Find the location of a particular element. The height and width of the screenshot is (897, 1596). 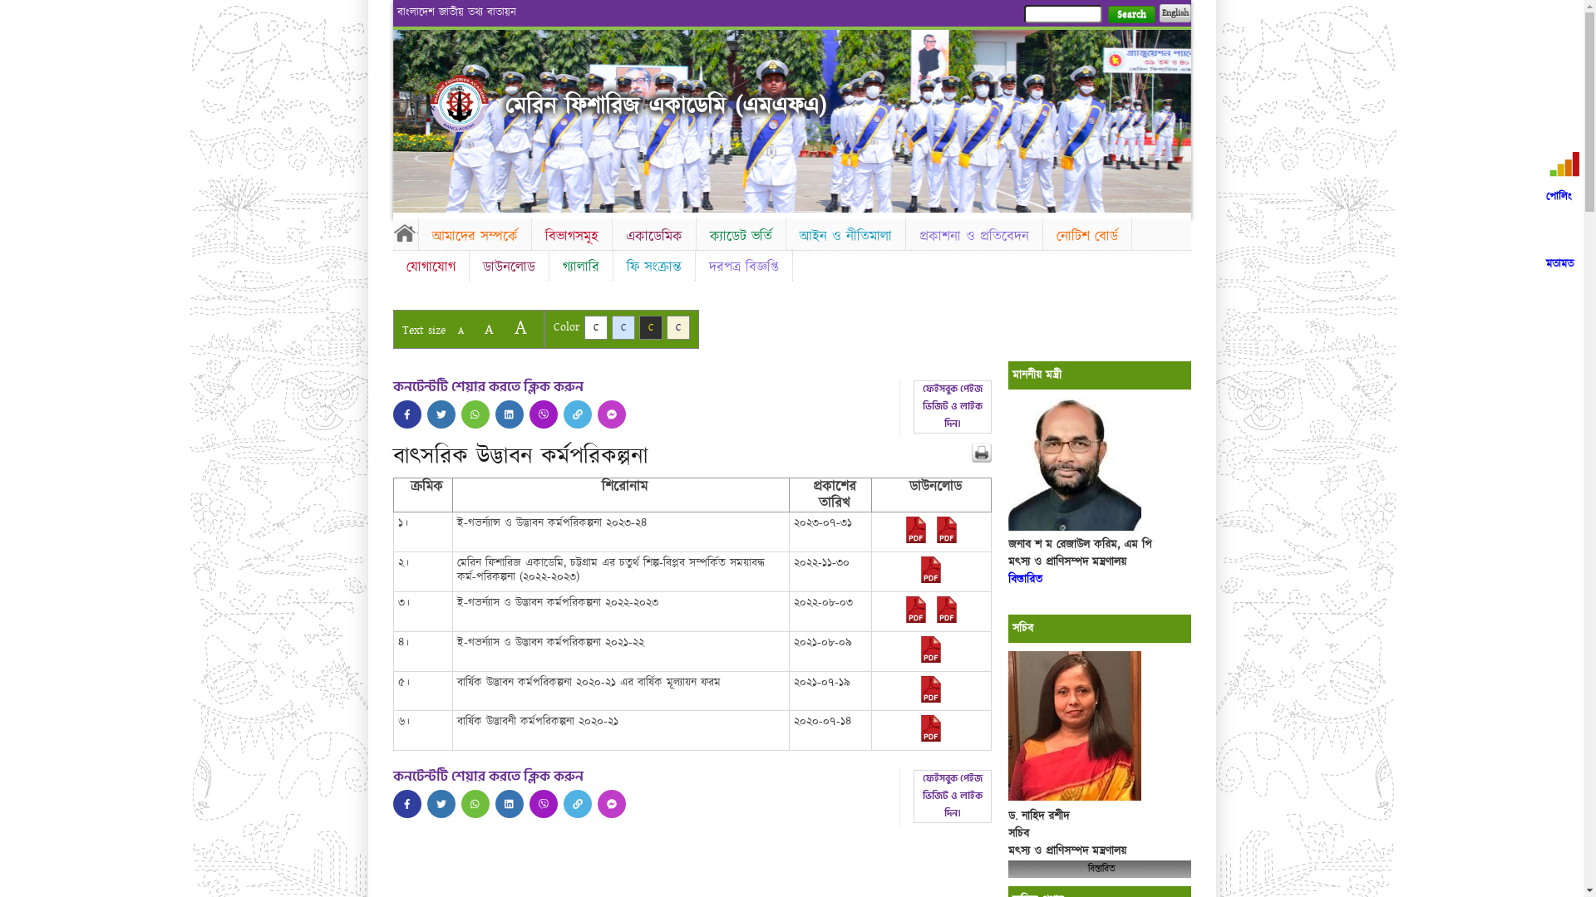

'C' is located at coordinates (649, 327).